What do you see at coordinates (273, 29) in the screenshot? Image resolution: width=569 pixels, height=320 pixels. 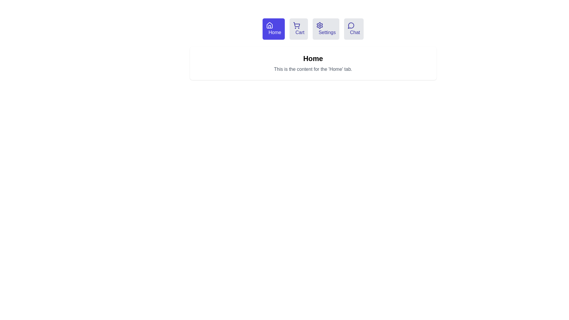 I see `the tab labeled Home to observe its visual changes` at bounding box center [273, 29].